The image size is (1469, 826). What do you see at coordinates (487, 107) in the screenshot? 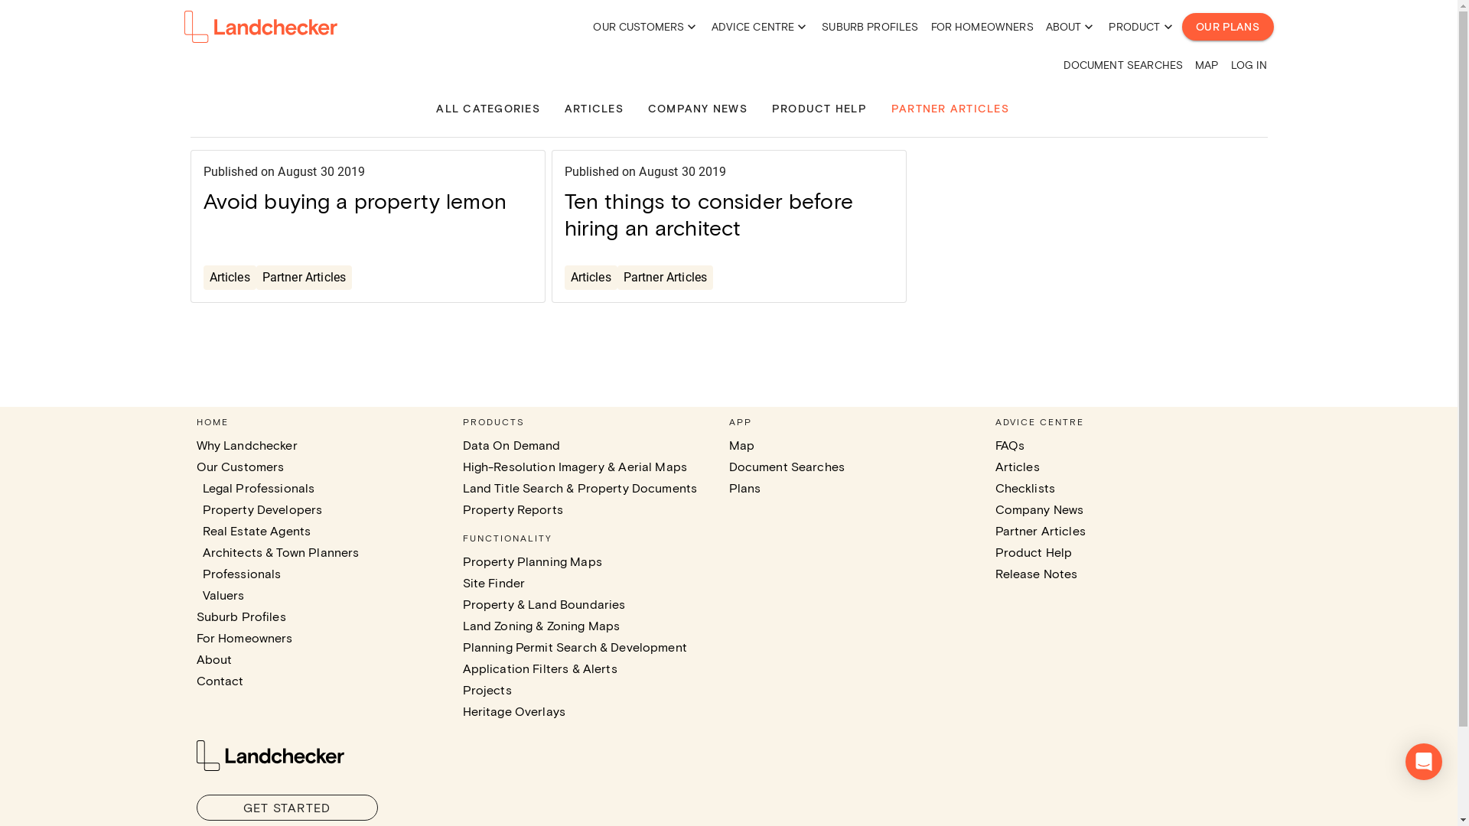
I see `'ALL CATEGORIES'` at bounding box center [487, 107].